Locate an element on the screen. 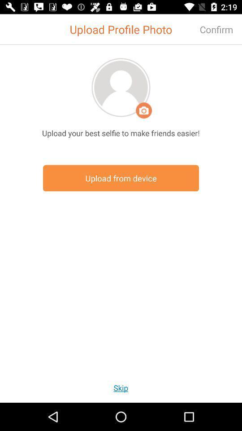 The width and height of the screenshot is (242, 431). upload photo is located at coordinates (121, 87).